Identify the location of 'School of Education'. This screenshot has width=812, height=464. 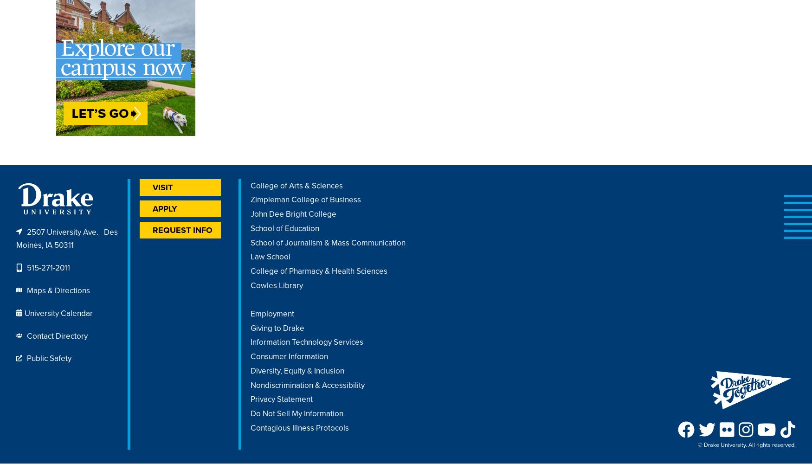
(250, 227).